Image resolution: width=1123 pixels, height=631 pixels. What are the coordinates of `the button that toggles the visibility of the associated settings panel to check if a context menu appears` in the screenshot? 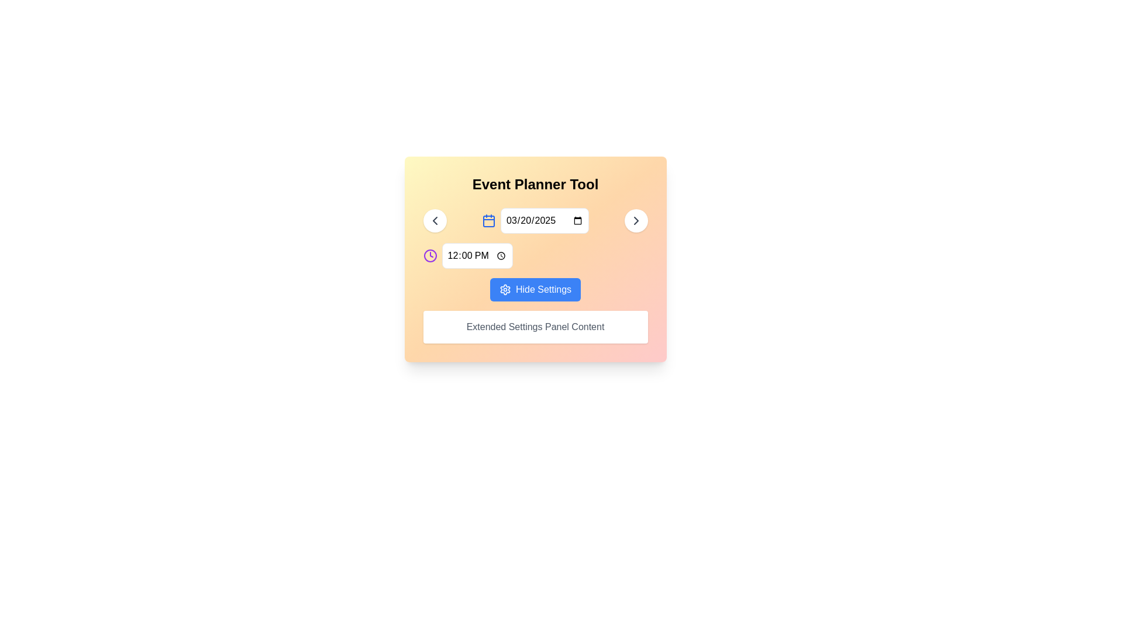 It's located at (535, 289).